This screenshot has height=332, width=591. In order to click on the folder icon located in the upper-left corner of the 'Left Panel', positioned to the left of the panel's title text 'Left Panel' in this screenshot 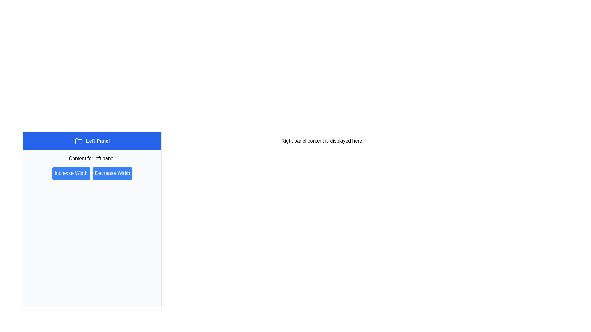, I will do `click(78, 141)`.